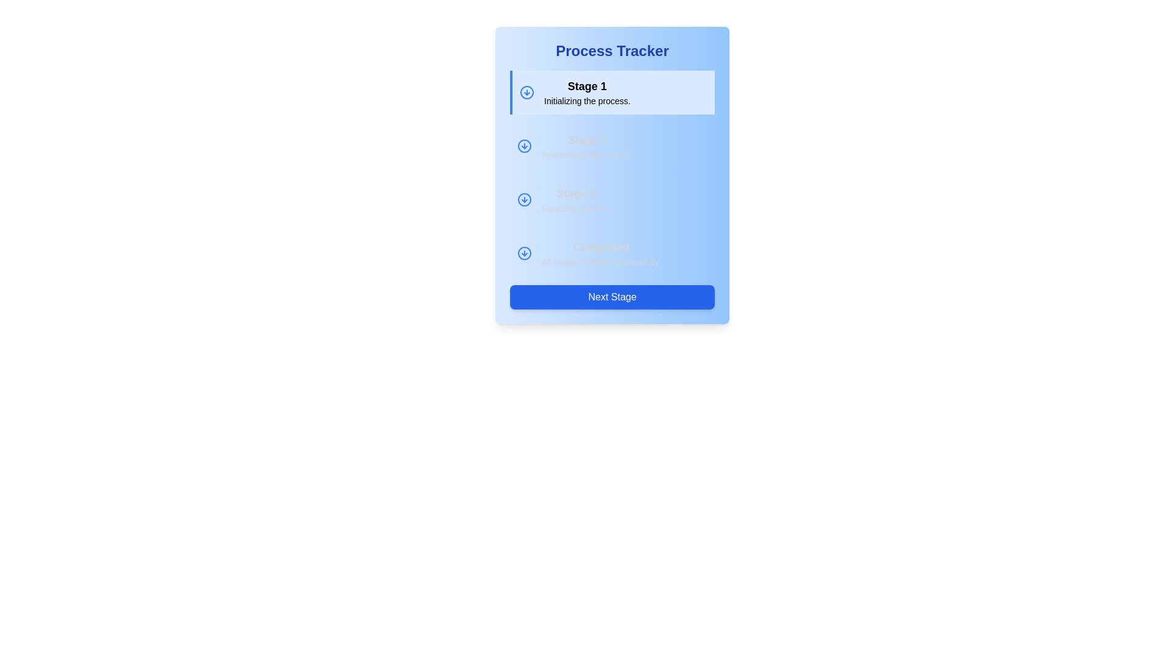  Describe the element at coordinates (524, 145) in the screenshot. I see `the circular download icon with a blue outline and downward arrow, located near 'Stage 1 Initializing the process' in the 'Process Tracker' interface` at that location.